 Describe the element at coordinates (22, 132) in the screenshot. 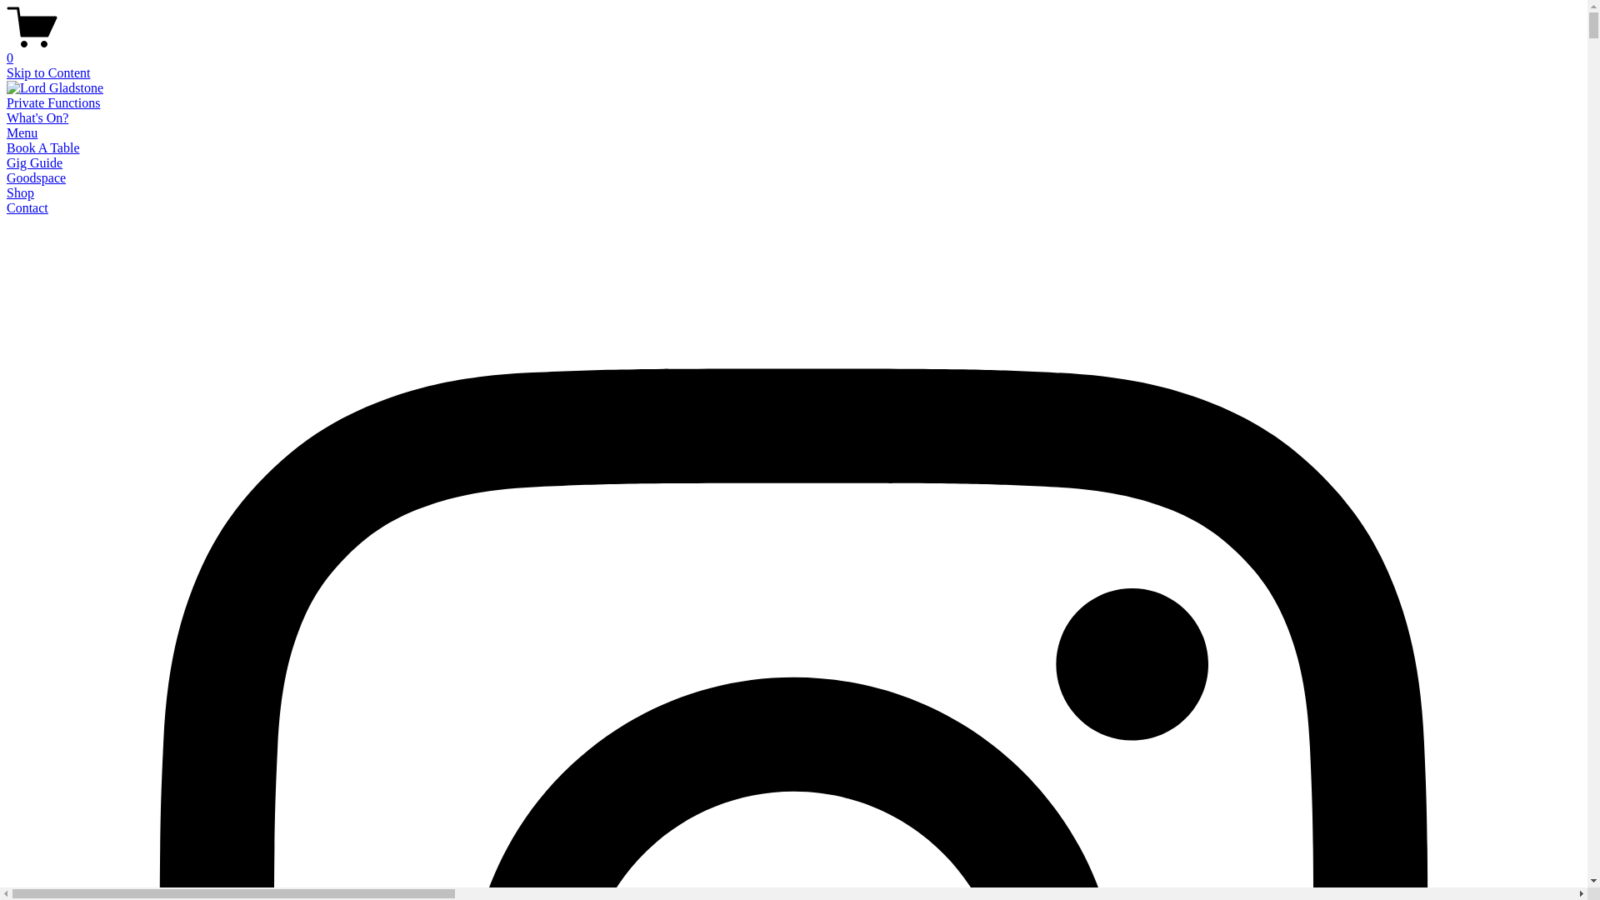

I see `'Menu'` at that location.